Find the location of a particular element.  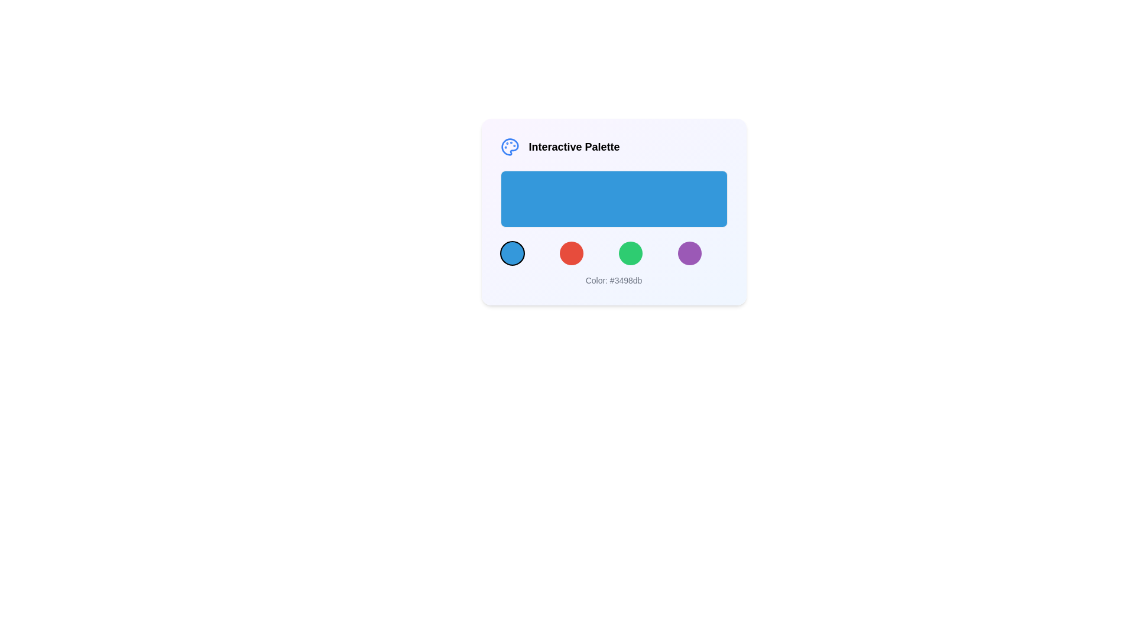

the Color Display Area, which is a blue rectangular section located above the circular color options in the 'Interactive Palette' card is located at coordinates (614, 218).